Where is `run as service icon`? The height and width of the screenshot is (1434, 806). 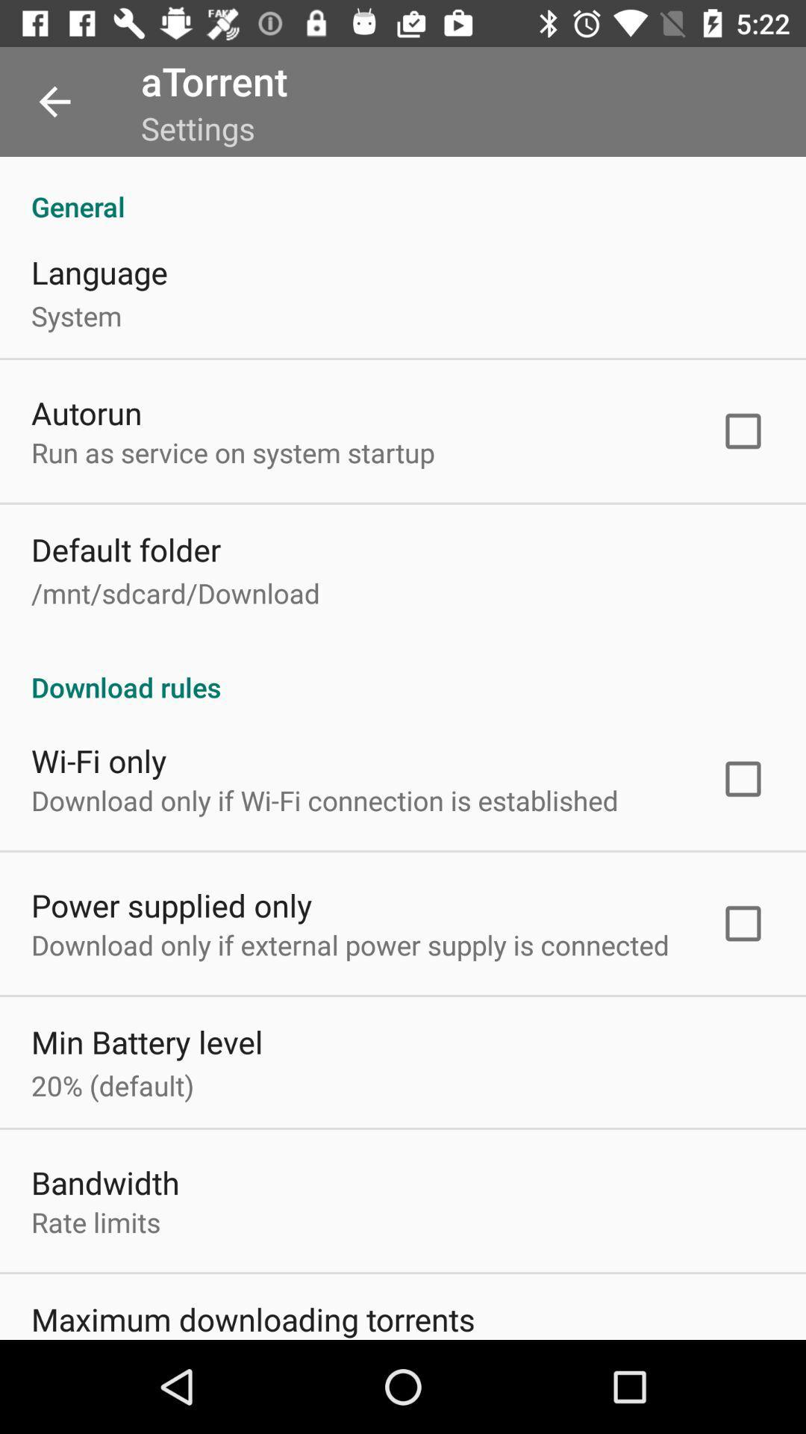 run as service icon is located at coordinates (233, 451).